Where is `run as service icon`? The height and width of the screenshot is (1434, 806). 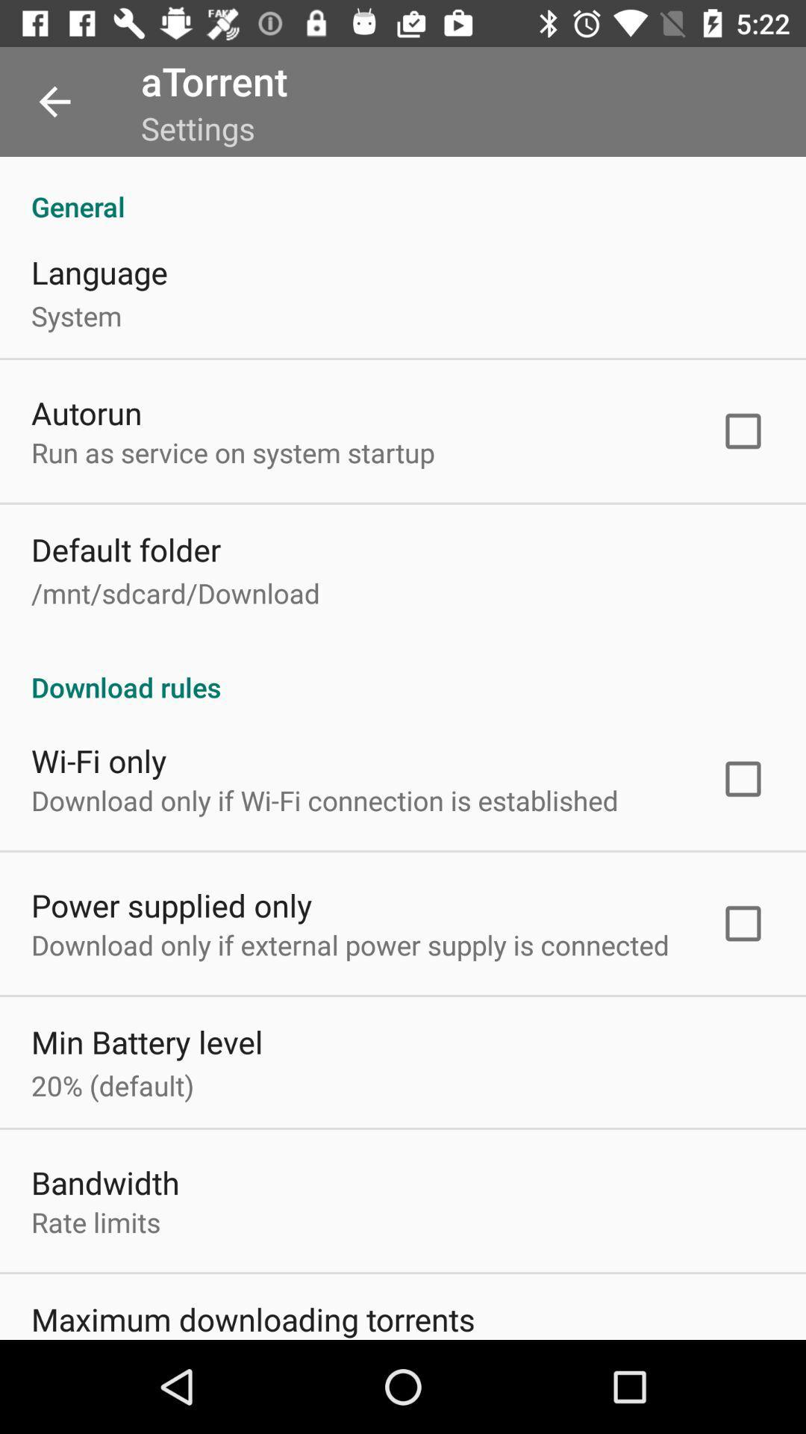 run as service icon is located at coordinates (233, 451).